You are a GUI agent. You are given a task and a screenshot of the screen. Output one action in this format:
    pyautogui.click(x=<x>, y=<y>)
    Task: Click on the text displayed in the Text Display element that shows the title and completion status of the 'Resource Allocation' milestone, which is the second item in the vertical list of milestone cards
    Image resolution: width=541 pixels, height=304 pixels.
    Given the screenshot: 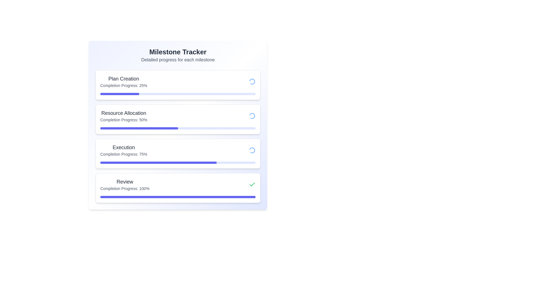 What is the action you would take?
    pyautogui.click(x=123, y=116)
    